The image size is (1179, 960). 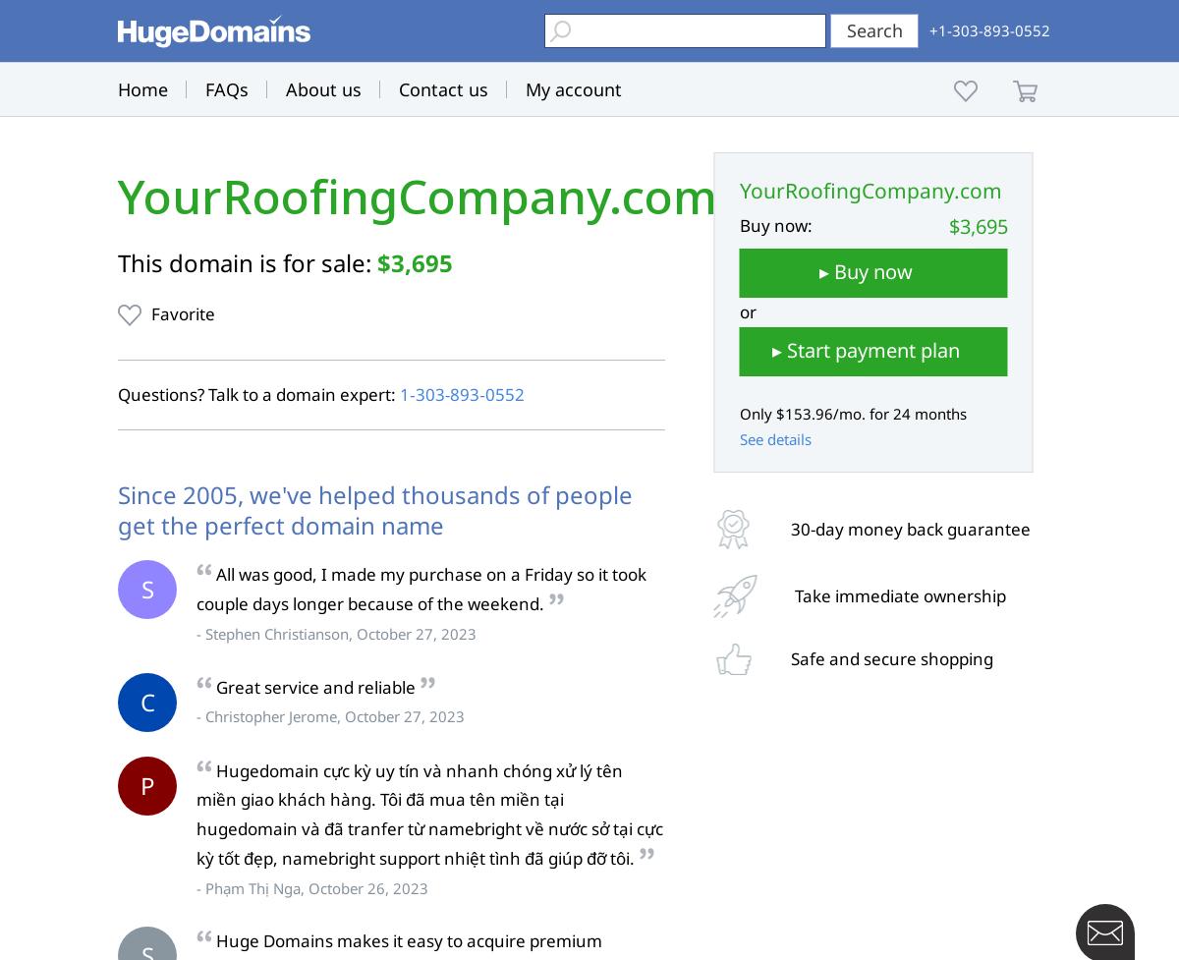 I want to click on 'My account', so click(x=573, y=88).